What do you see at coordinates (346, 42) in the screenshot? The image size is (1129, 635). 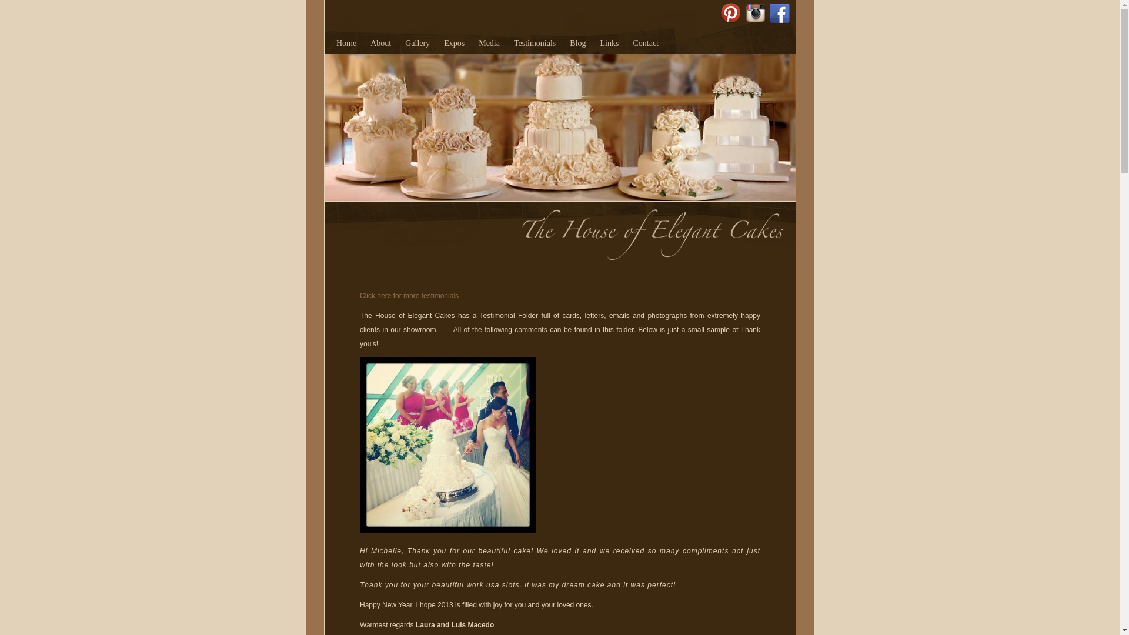 I see `'Home'` at bounding box center [346, 42].